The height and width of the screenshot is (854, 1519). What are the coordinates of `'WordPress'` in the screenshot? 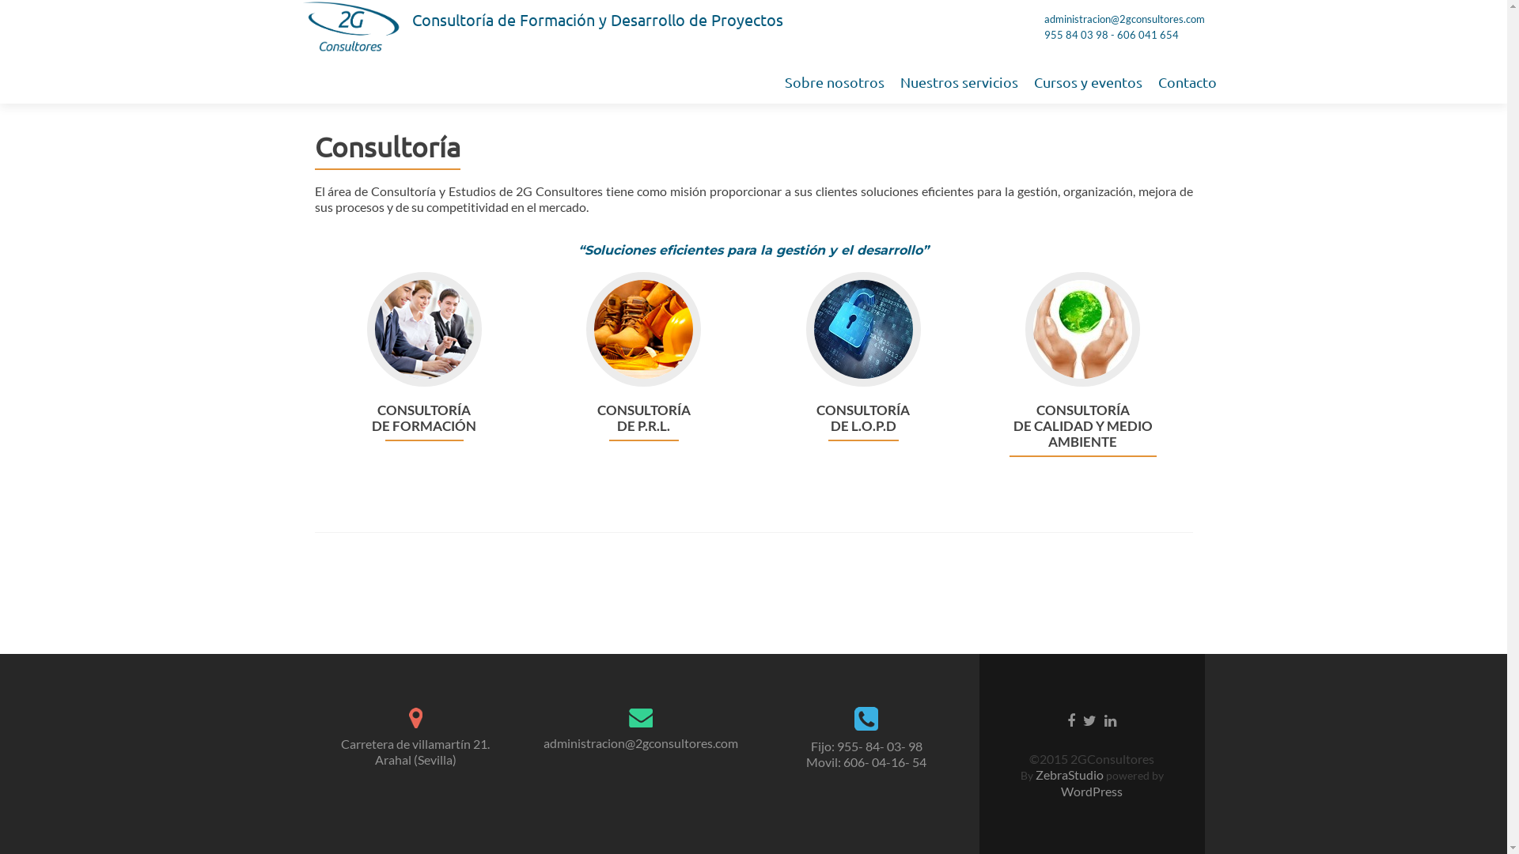 It's located at (1060, 791).